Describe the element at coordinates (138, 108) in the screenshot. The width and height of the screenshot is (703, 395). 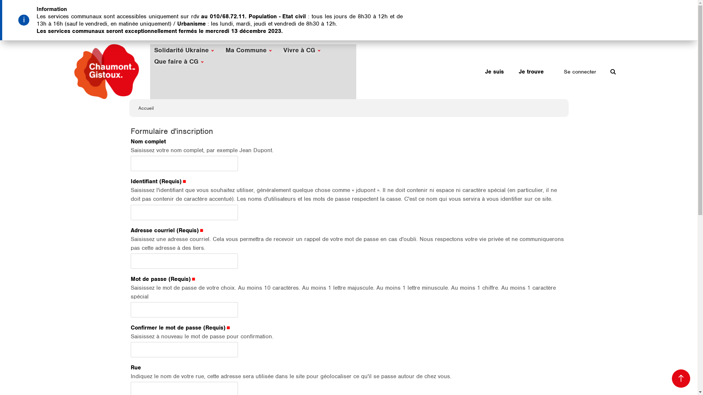
I see `'Accueil'` at that location.